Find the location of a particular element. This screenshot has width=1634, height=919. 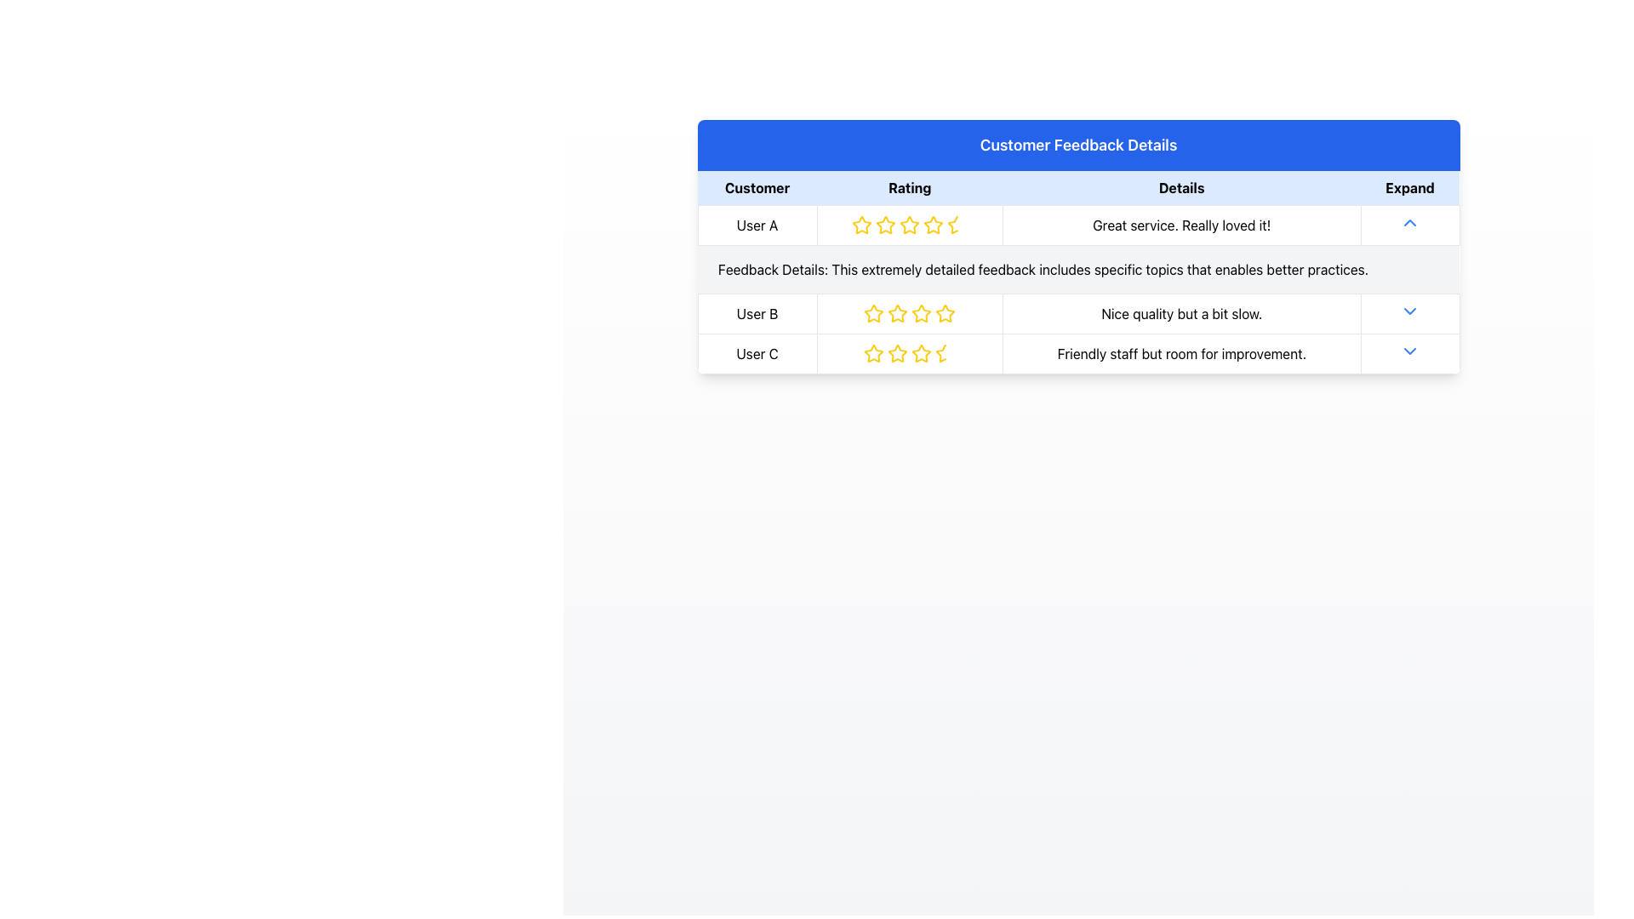

the second star icon in the rating column of the first row under 'User A' in the 'Customer Feedback Details' table to reflect the user's assigned rating is located at coordinates (885, 225).